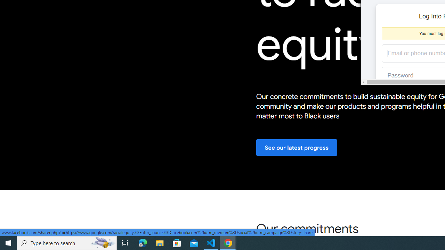  I want to click on 'Visual Studio Code - 1 running window', so click(211, 242).